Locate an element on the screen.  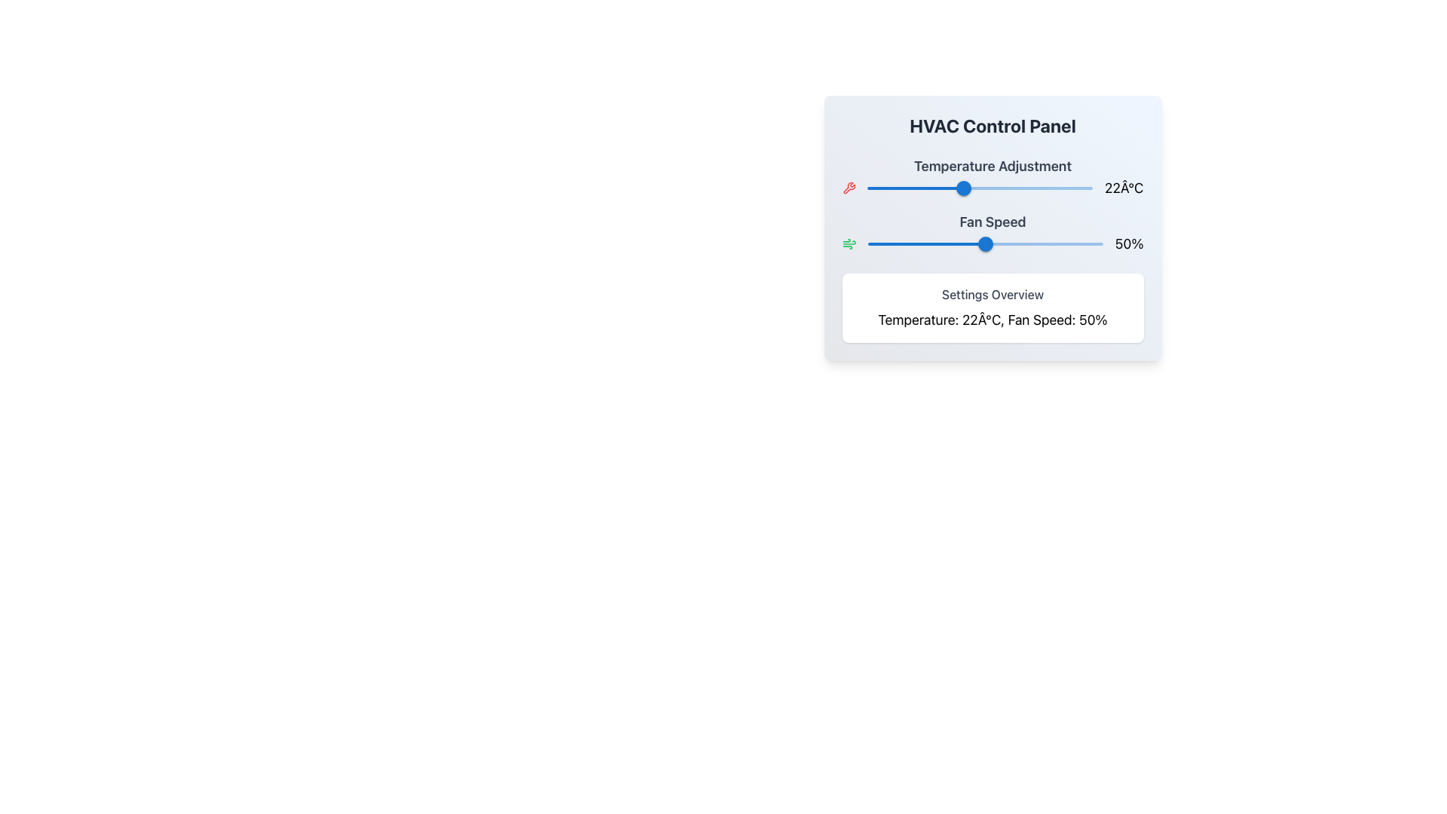
the slider value is located at coordinates (1098, 243).